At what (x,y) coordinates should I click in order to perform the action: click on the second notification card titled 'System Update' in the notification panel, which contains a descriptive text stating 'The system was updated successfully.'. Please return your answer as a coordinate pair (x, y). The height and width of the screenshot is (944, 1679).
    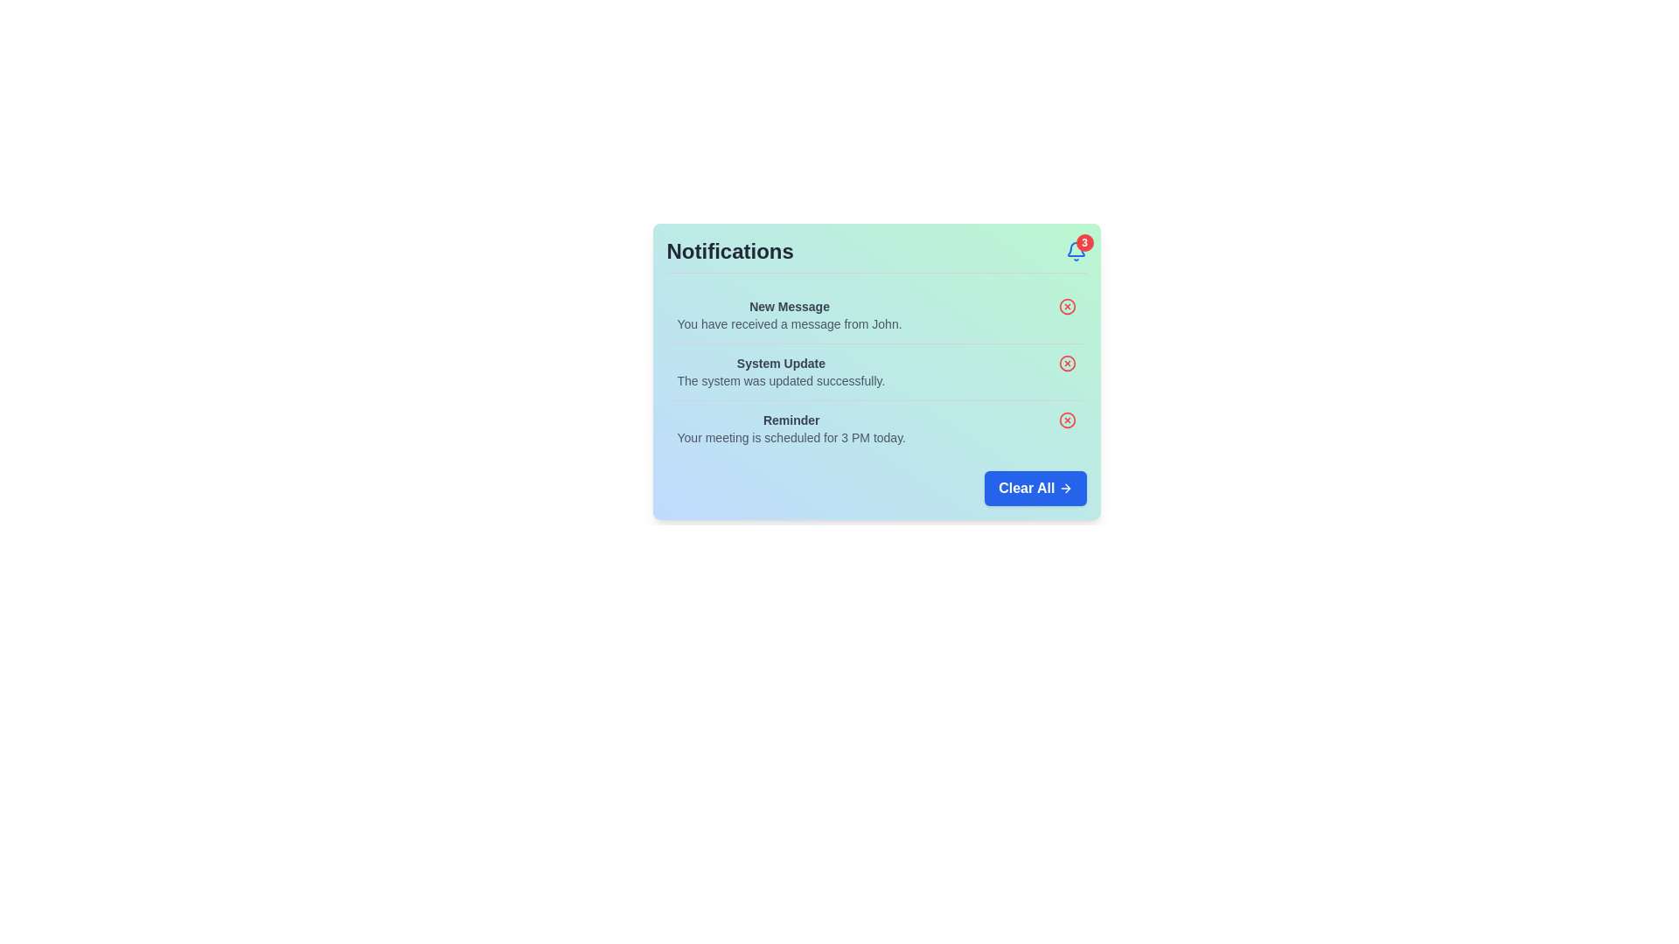
    Looking at the image, I should click on (876, 371).